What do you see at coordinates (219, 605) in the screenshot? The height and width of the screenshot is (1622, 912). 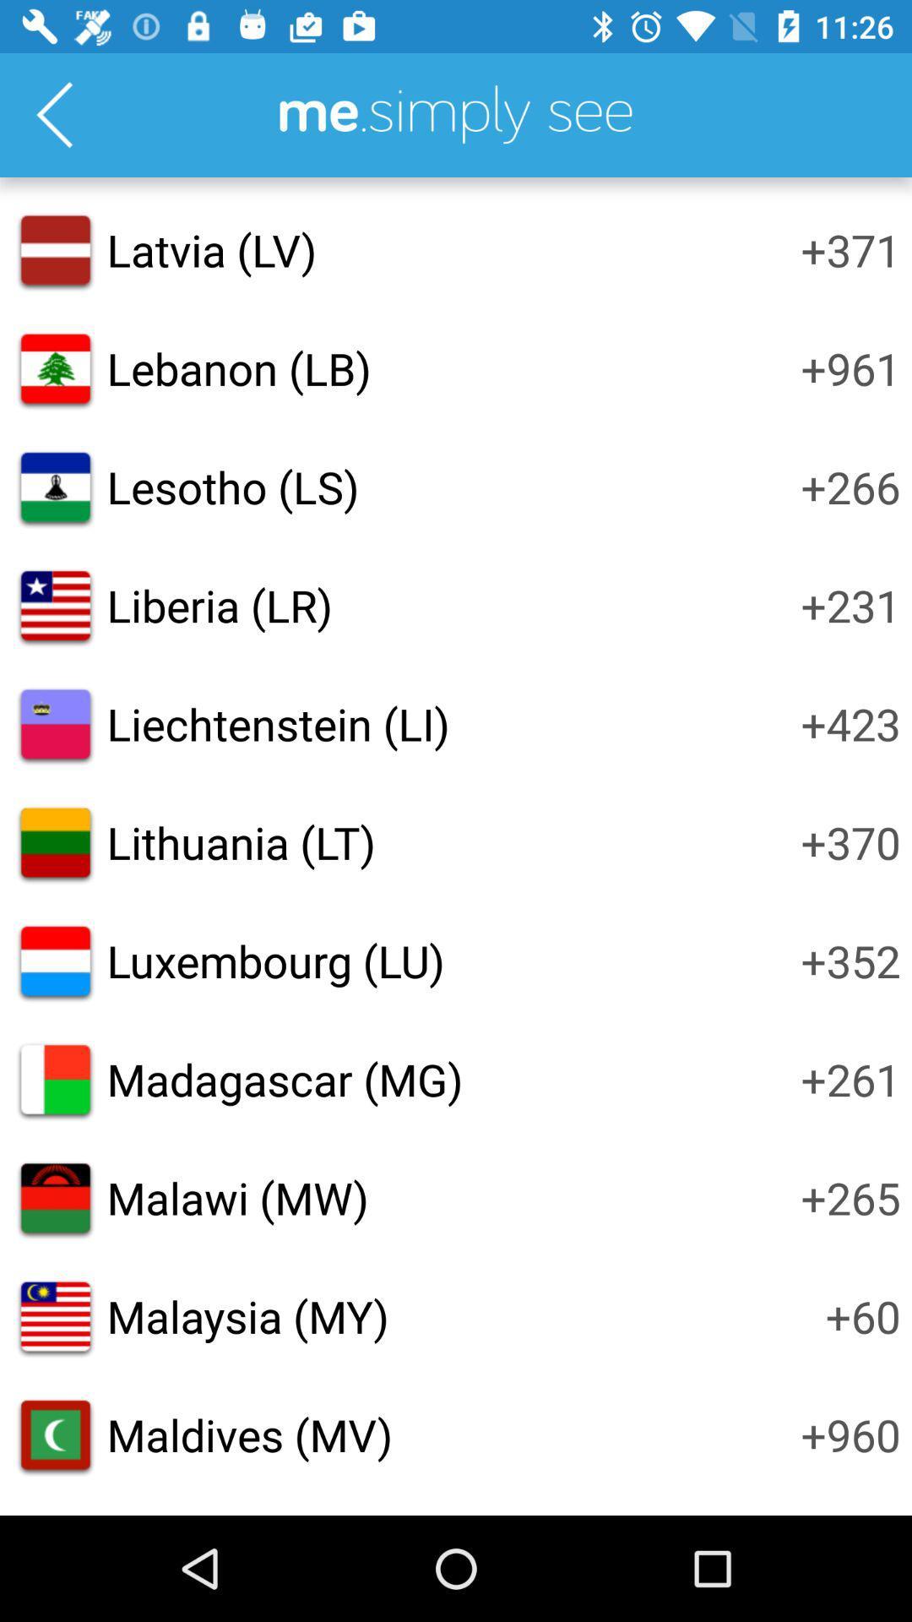 I see `the liberia (lr)` at bounding box center [219, 605].